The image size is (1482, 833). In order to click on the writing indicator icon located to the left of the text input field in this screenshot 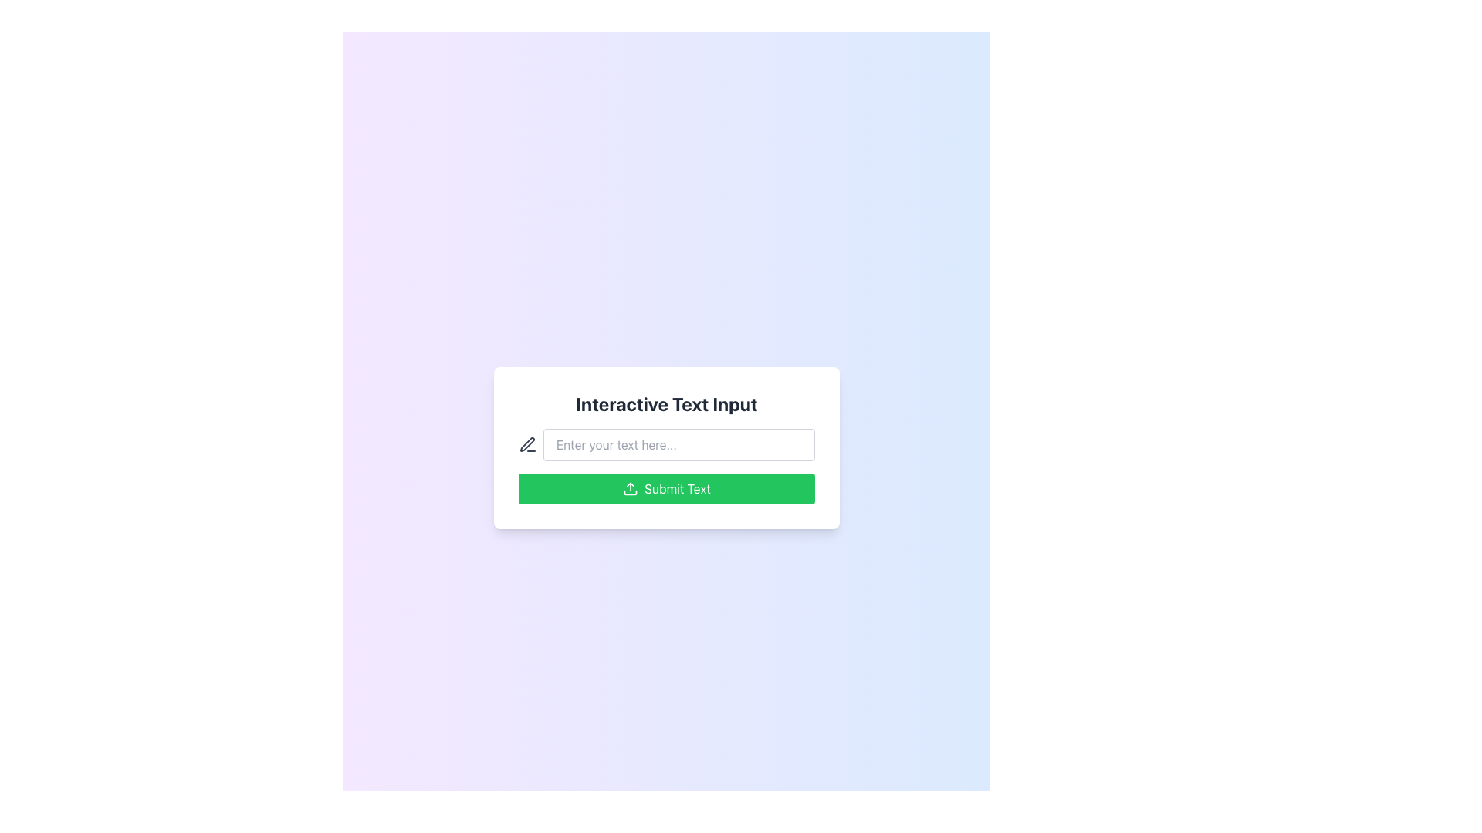, I will do `click(528, 445)`.